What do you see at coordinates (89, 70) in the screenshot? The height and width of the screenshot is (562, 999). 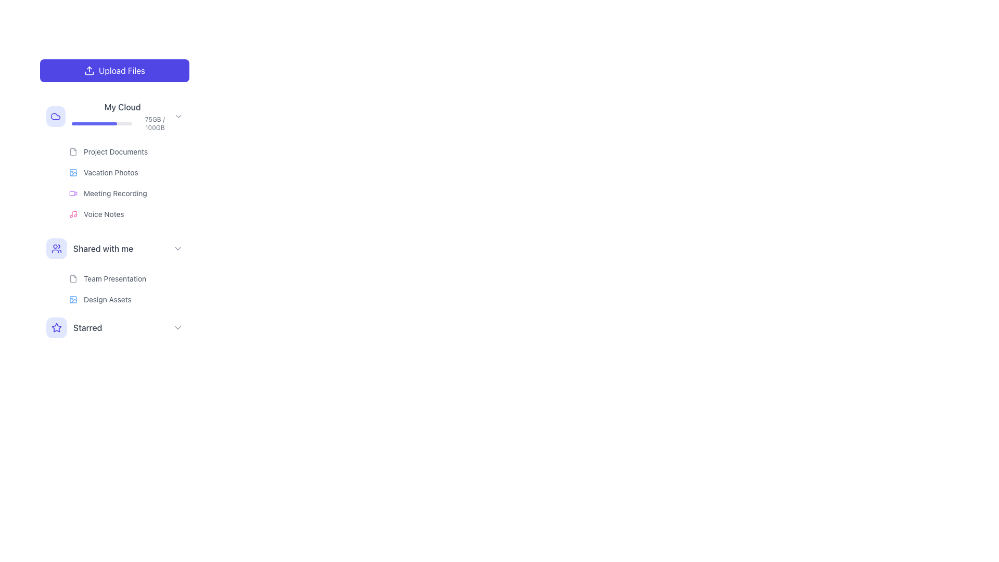 I see `the SVG graphic icon located to the left of the 'Upload Files' text within the blue button to interact with the upload functionality` at bounding box center [89, 70].